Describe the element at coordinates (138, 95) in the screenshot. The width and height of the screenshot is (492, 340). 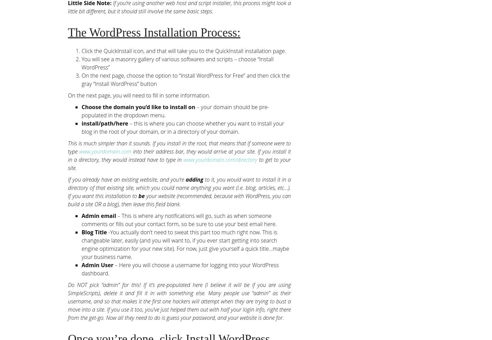
I see `'On the next page, you will need to fill in some information.'` at that location.